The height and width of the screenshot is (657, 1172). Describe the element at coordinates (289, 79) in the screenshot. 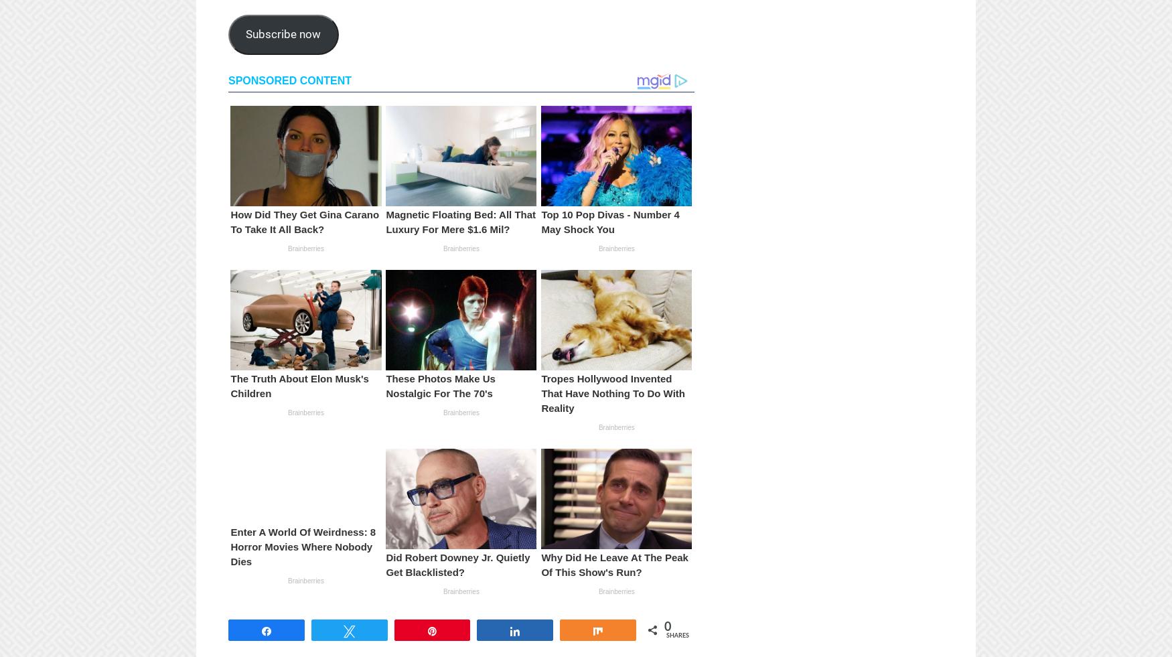

I see `'Sponsored Content'` at that location.